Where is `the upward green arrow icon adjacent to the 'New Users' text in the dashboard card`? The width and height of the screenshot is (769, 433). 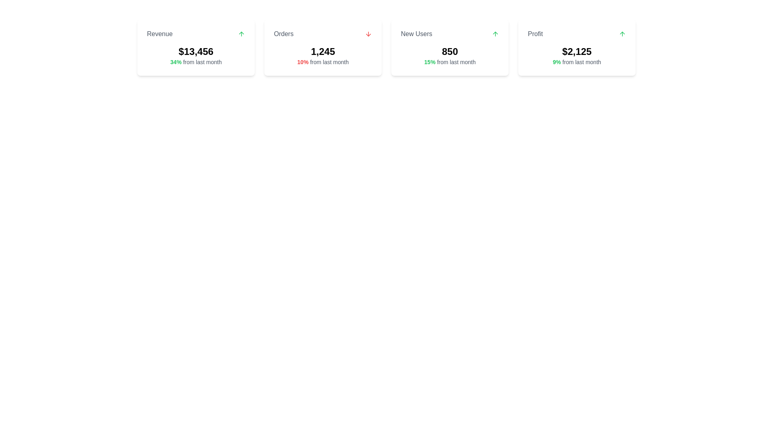 the upward green arrow icon adjacent to the 'New Users' text in the dashboard card is located at coordinates (450, 33).